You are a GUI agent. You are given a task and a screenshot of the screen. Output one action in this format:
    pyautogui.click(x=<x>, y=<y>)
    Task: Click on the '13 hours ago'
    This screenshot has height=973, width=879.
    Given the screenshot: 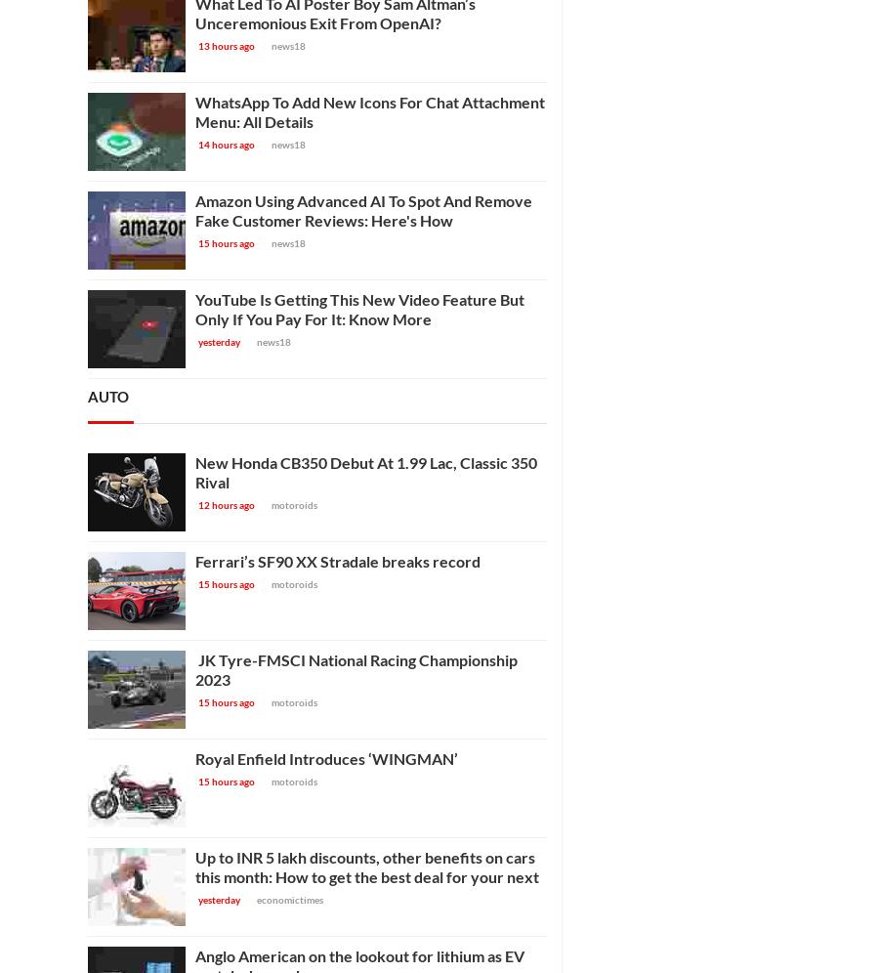 What is the action you would take?
    pyautogui.click(x=226, y=45)
    